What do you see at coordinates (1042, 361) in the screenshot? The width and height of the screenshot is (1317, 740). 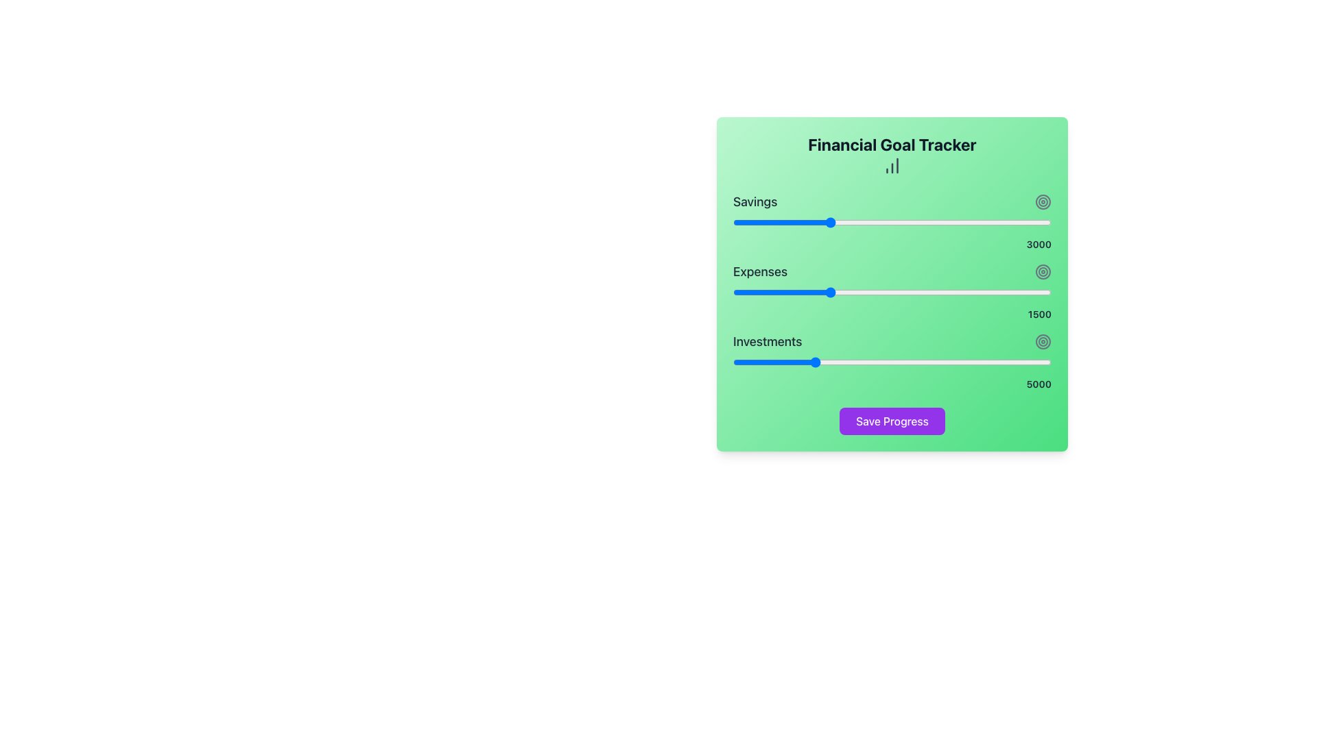 I see `the 'Investments' slider` at bounding box center [1042, 361].